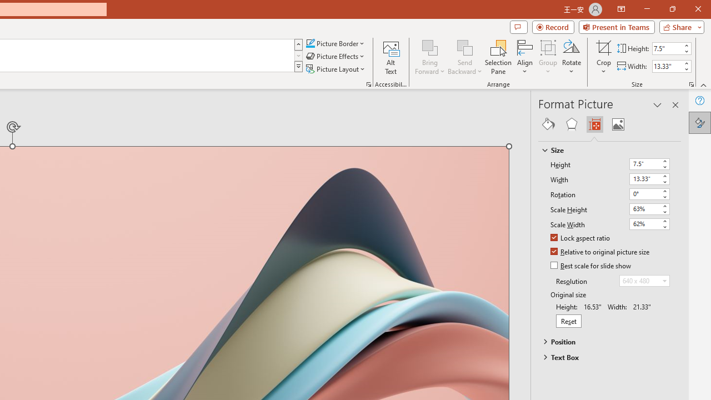 This screenshot has width=711, height=400. Describe the element at coordinates (603, 57) in the screenshot. I see `'Crop'` at that location.